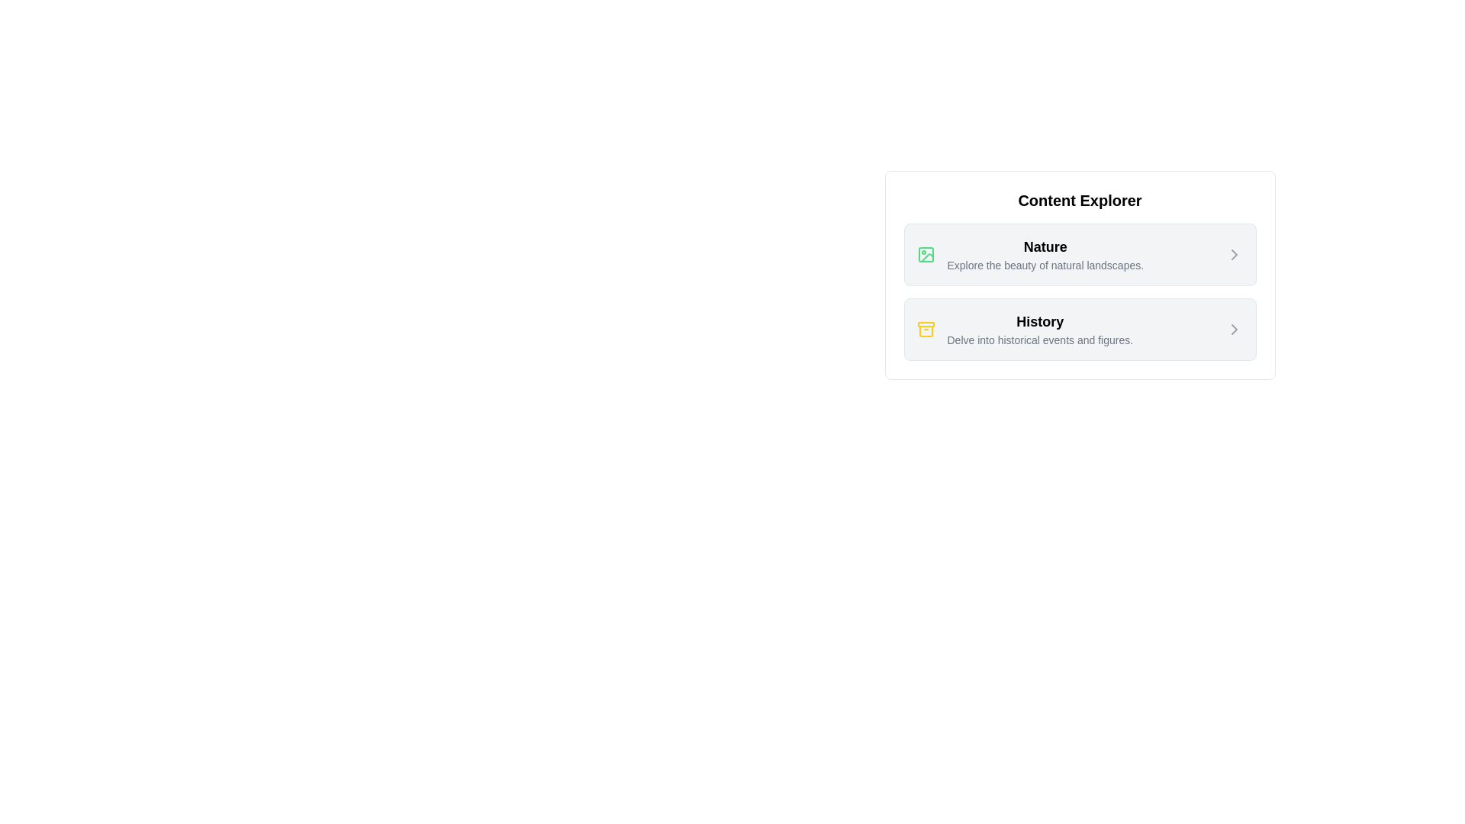  I want to click on the List item with the title 'History', so click(1039, 329).